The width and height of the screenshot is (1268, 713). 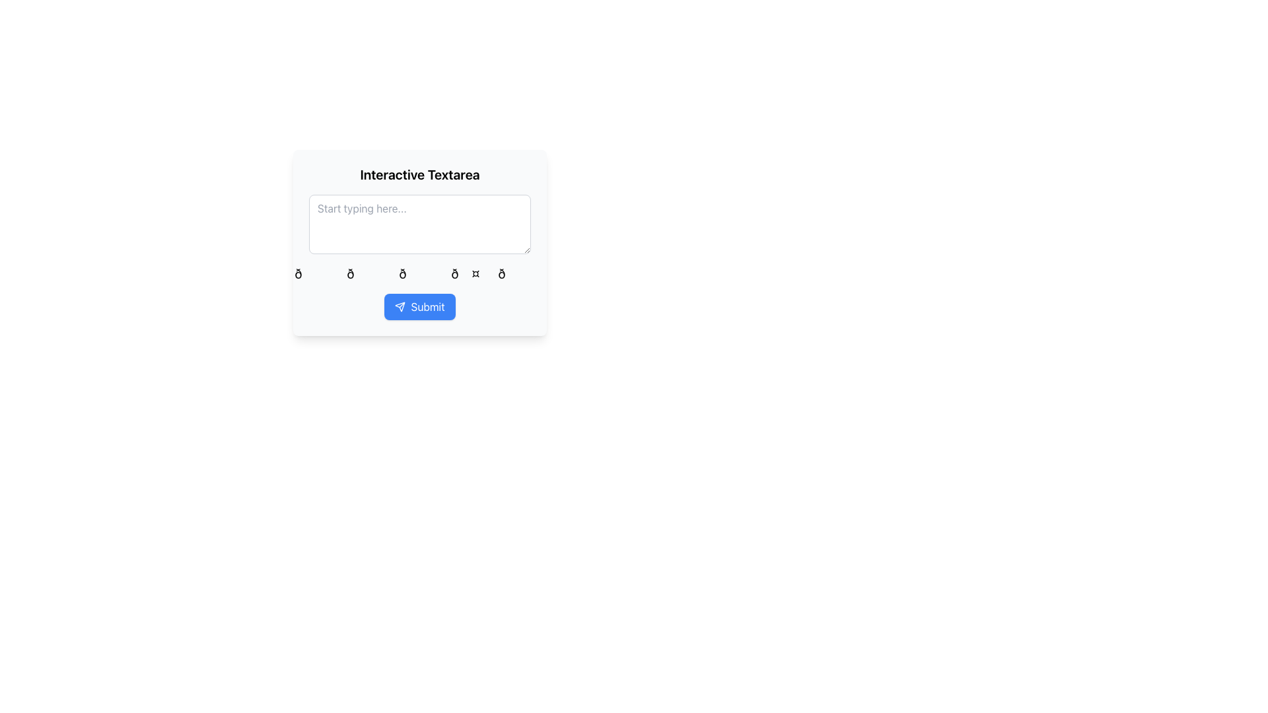 I want to click on the small arrow-like icon resembling a send action, which is styled with a blue background and white fill, located inside the blue 'Submit' button at the center-bottom of the section under the interactive textarea, so click(x=400, y=307).